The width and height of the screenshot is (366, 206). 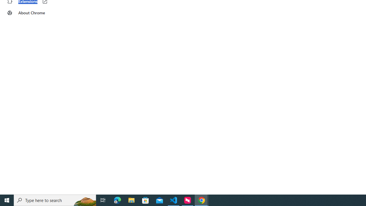 I want to click on 'About Chrome', so click(x=35, y=13).